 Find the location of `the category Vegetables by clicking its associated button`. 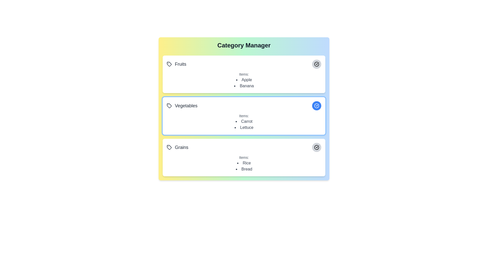

the category Vegetables by clicking its associated button is located at coordinates (316, 105).